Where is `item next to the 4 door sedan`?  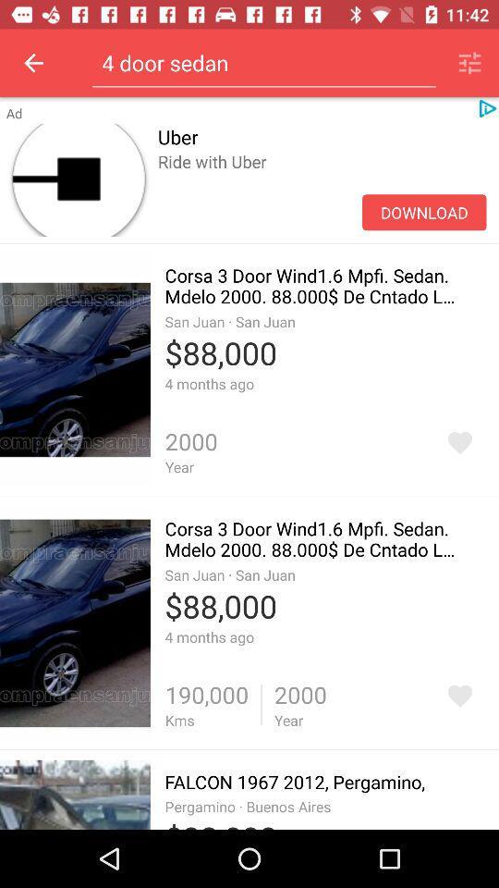
item next to the 4 door sedan is located at coordinates (469, 63).